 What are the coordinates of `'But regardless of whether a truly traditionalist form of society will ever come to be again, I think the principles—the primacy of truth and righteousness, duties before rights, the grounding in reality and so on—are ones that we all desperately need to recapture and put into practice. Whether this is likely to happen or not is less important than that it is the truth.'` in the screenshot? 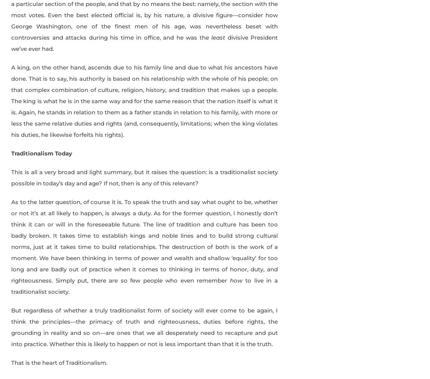 It's located at (144, 326).